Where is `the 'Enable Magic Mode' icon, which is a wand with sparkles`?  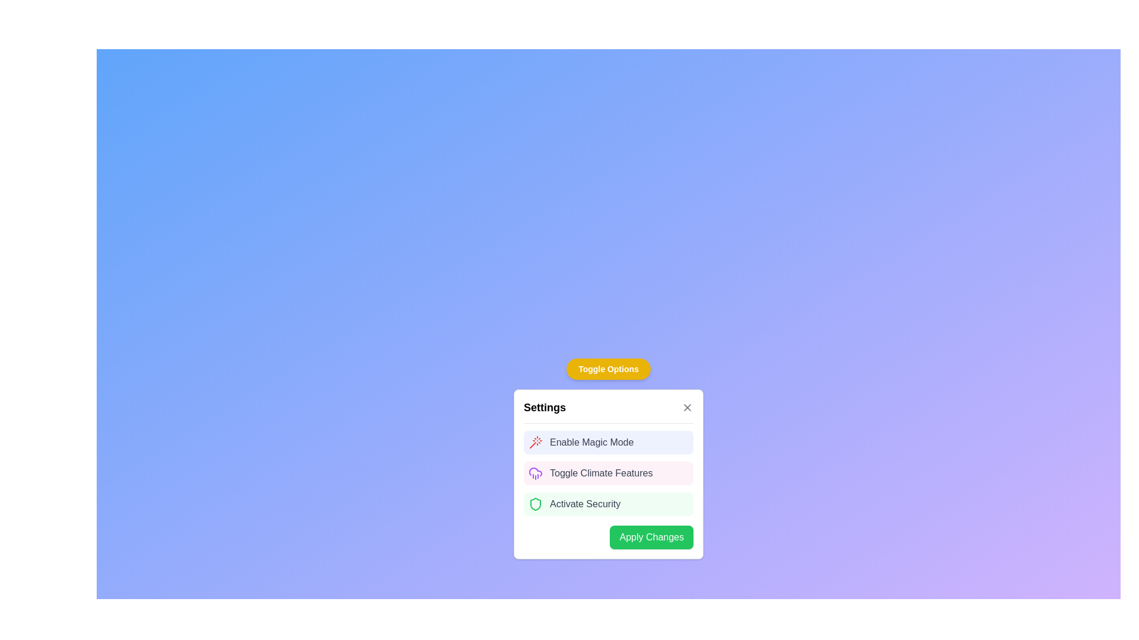 the 'Enable Magic Mode' icon, which is a wand with sparkles is located at coordinates (534, 443).